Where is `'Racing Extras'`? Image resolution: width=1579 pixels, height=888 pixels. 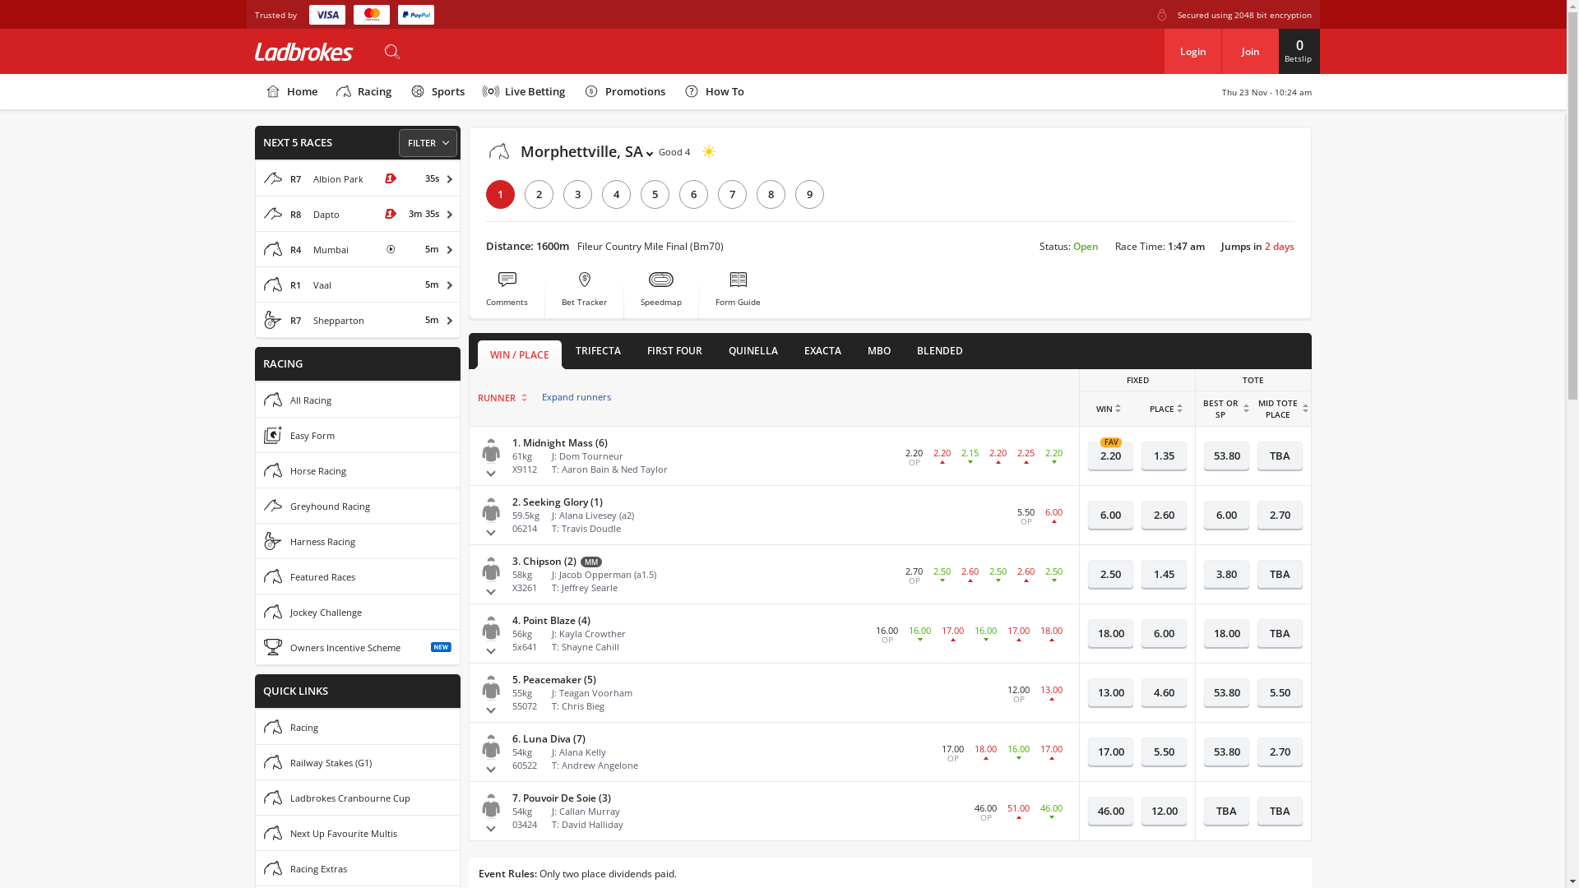
'Racing Extras' is located at coordinates (357, 867).